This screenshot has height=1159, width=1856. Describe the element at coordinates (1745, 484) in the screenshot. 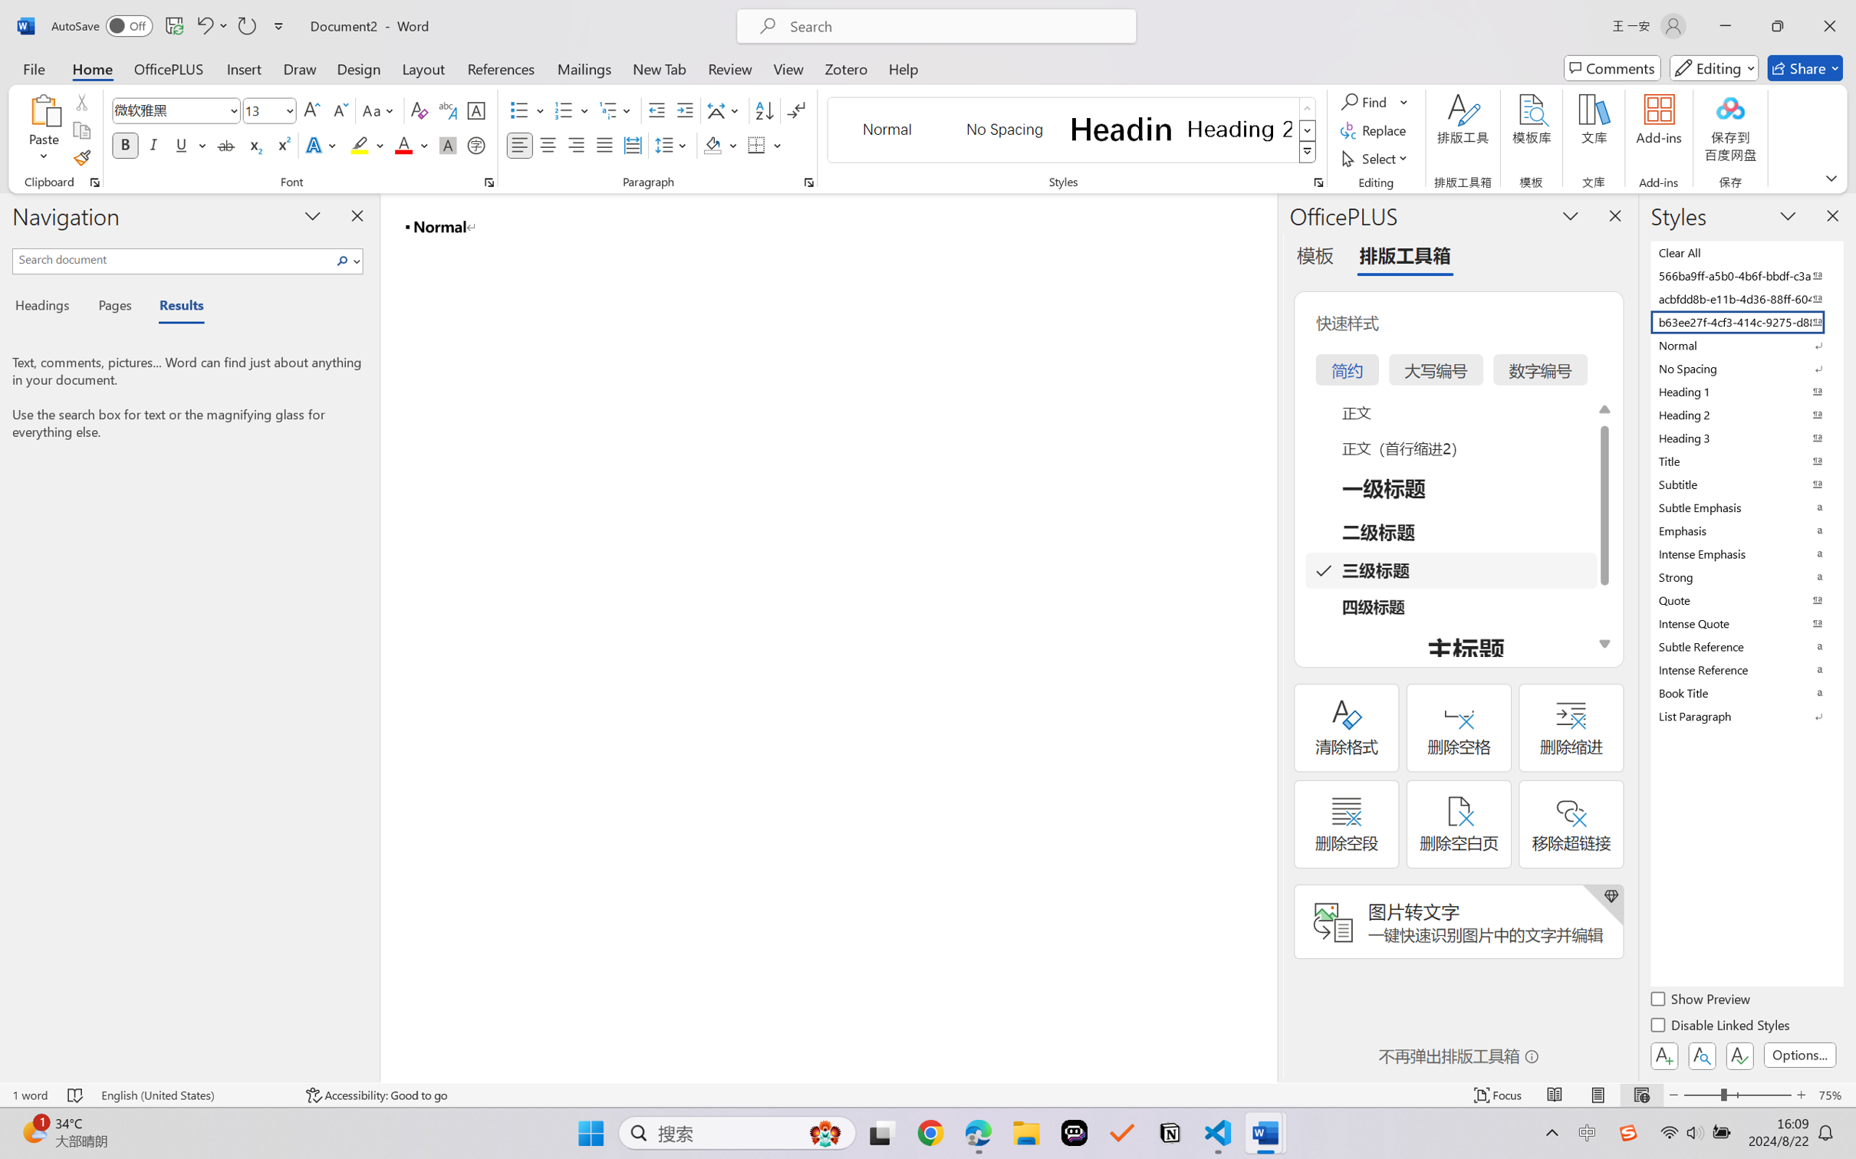

I see `'Subtitle'` at that location.